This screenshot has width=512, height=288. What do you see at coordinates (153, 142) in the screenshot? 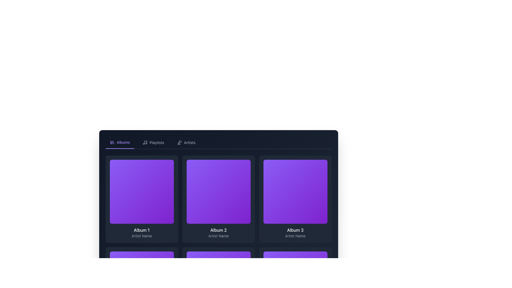
I see `the 'Playlists' button, which is a text link with a music note icon` at bounding box center [153, 142].